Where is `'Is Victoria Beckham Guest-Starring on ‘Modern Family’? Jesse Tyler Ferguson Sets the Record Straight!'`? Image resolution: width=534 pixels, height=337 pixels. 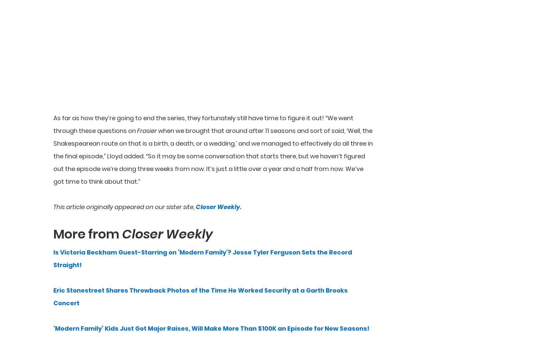 'Is Victoria Beckham Guest-Starring on ‘Modern Family’? Jesse Tyler Ferguson Sets the Record Straight!' is located at coordinates (203, 259).